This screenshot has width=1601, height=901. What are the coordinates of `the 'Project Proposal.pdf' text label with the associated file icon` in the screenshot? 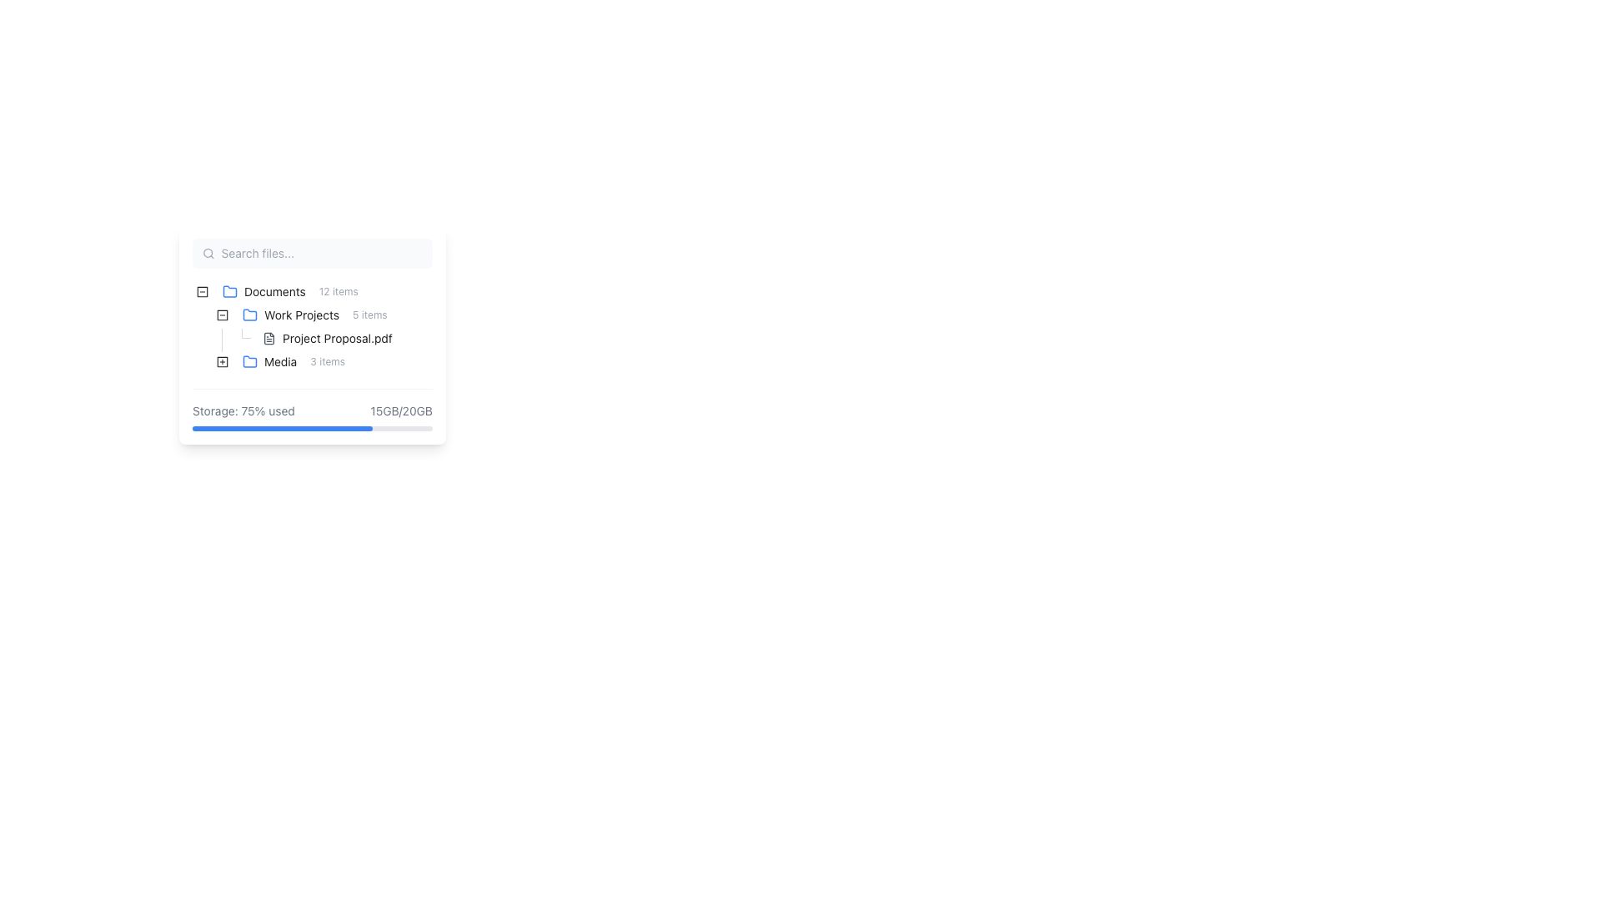 It's located at (334, 338).